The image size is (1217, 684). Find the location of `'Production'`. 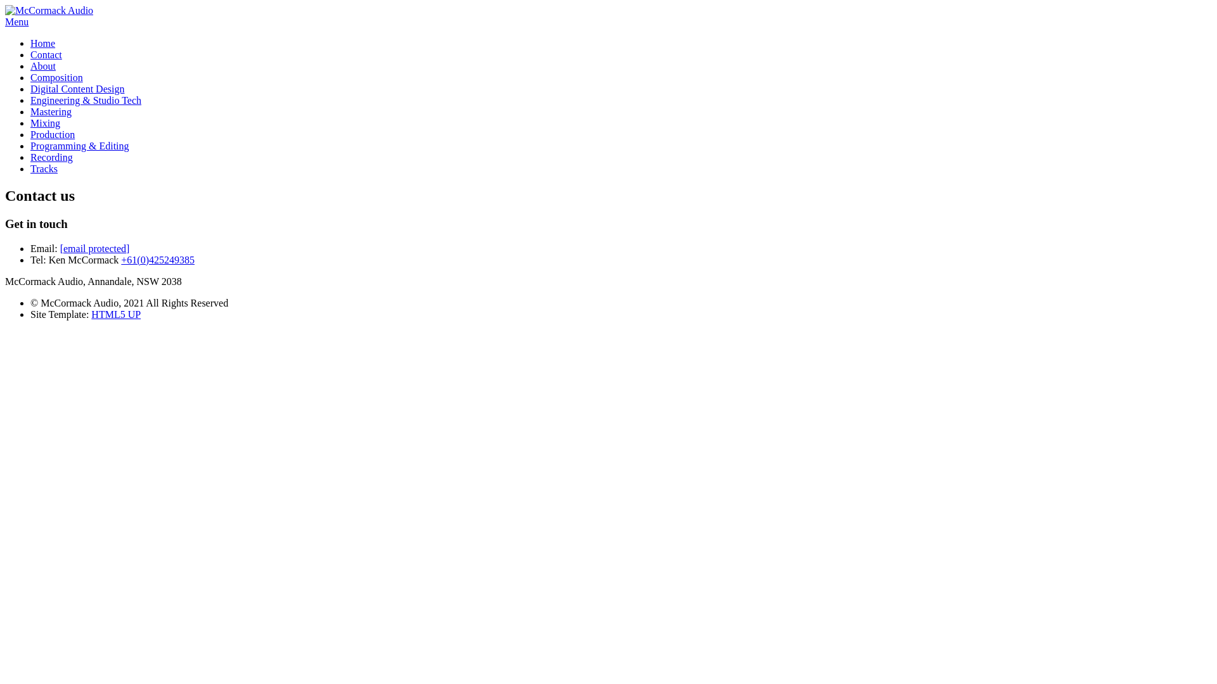

'Production' is located at coordinates (51, 134).